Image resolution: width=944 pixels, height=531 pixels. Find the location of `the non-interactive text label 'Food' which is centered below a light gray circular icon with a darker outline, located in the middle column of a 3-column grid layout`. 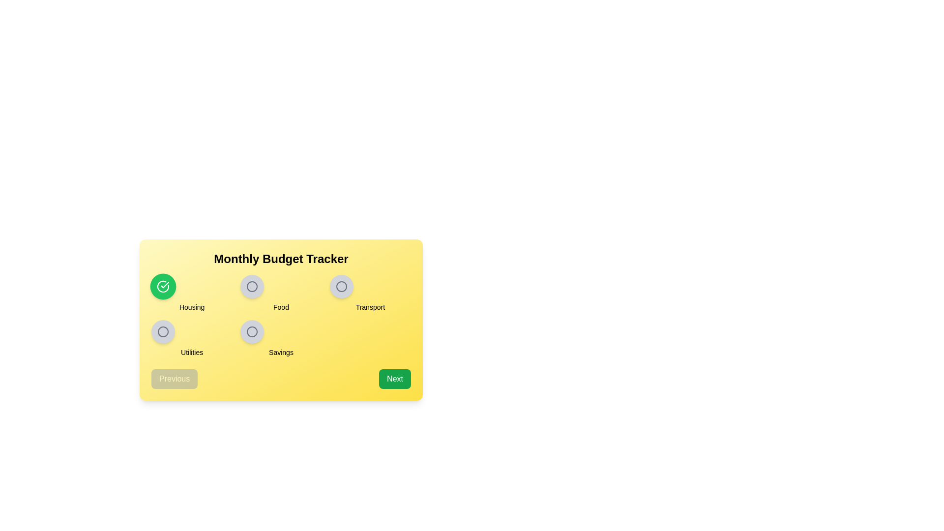

the non-interactive text label 'Food' which is centered below a light gray circular icon with a darker outline, located in the middle column of a 3-column grid layout is located at coordinates (280, 293).